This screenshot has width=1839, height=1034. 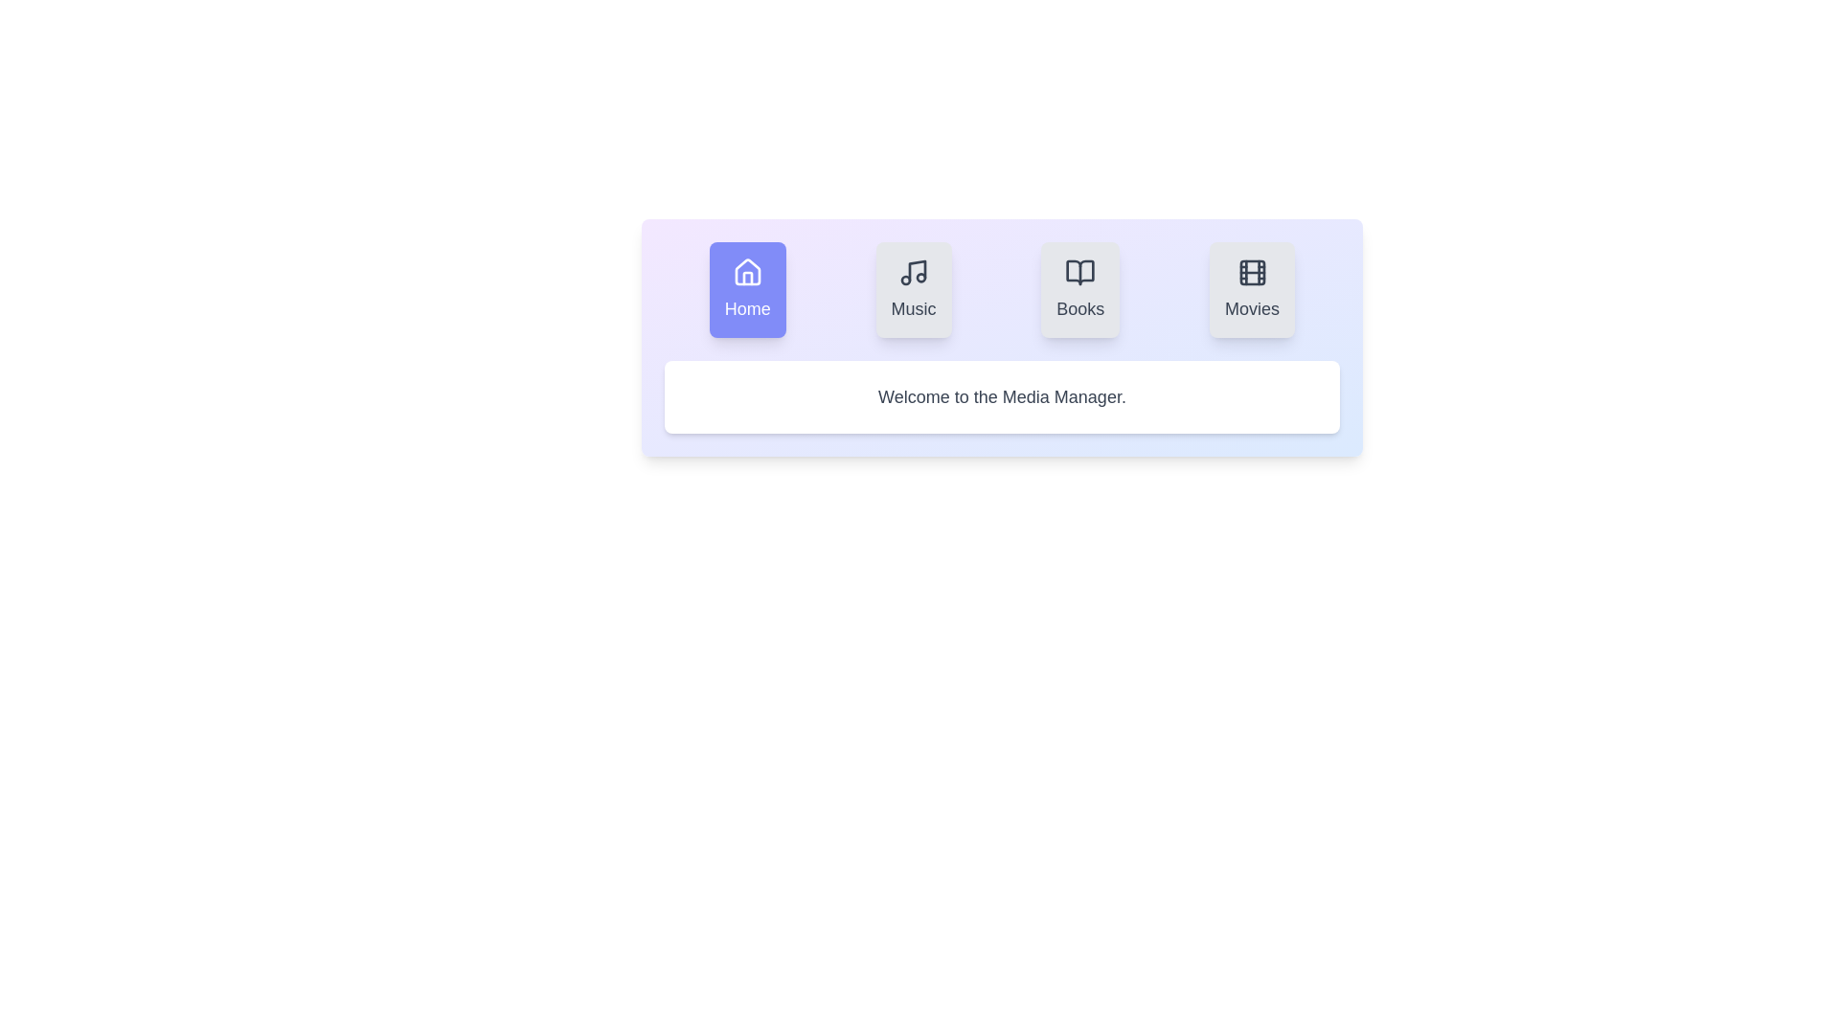 What do you see at coordinates (746, 290) in the screenshot?
I see `the Home tab to view its content` at bounding box center [746, 290].